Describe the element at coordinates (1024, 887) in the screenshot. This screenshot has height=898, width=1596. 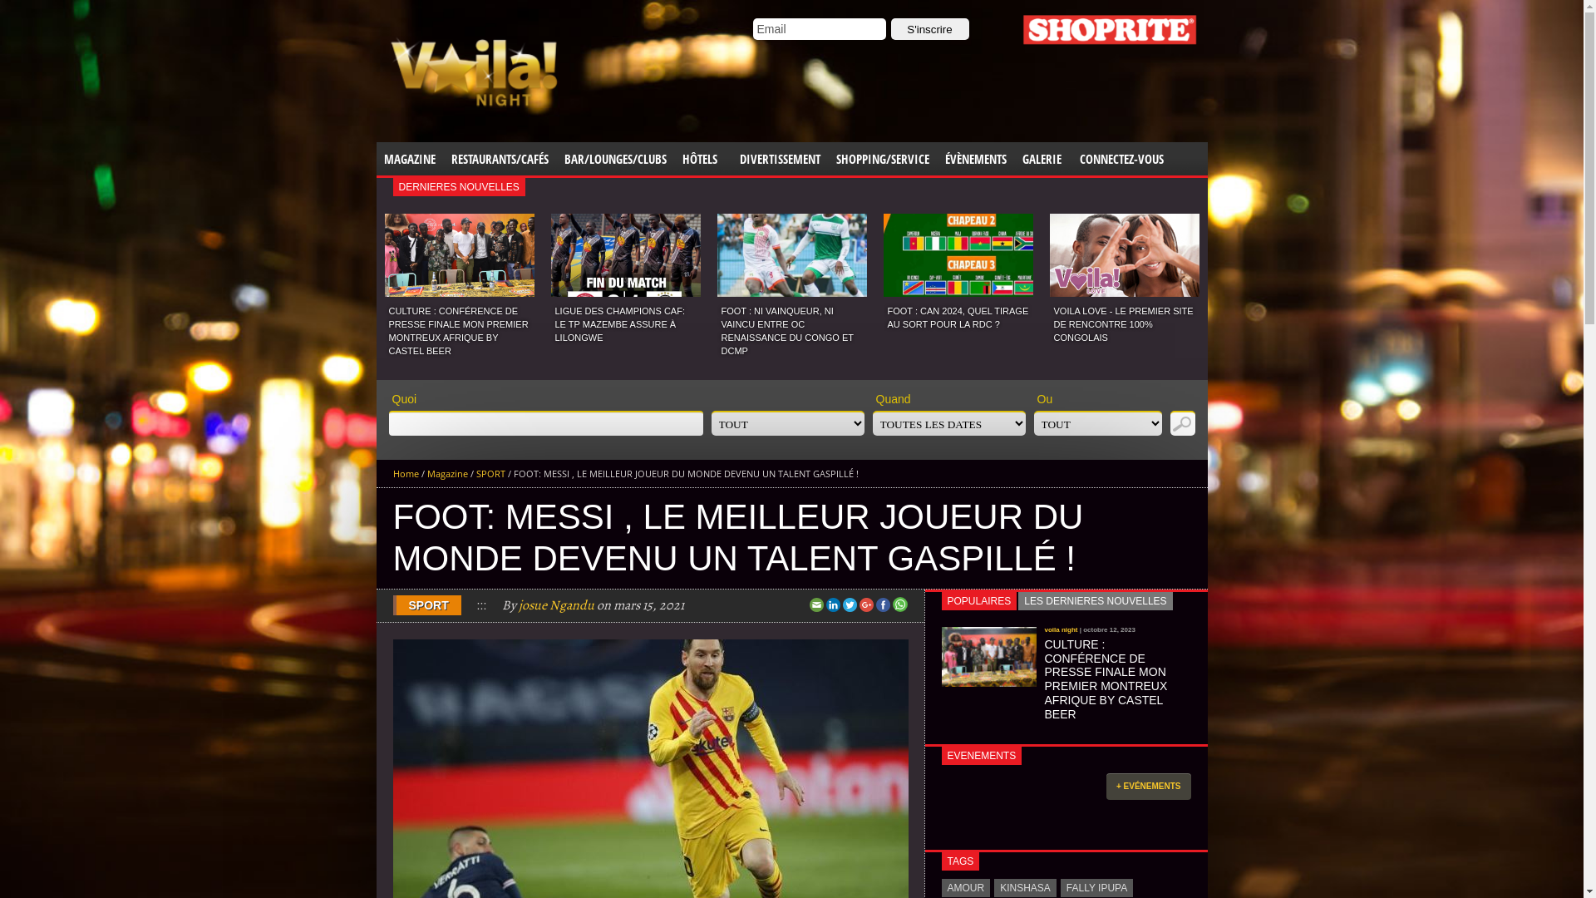
I see `'KINSHASA'` at that location.